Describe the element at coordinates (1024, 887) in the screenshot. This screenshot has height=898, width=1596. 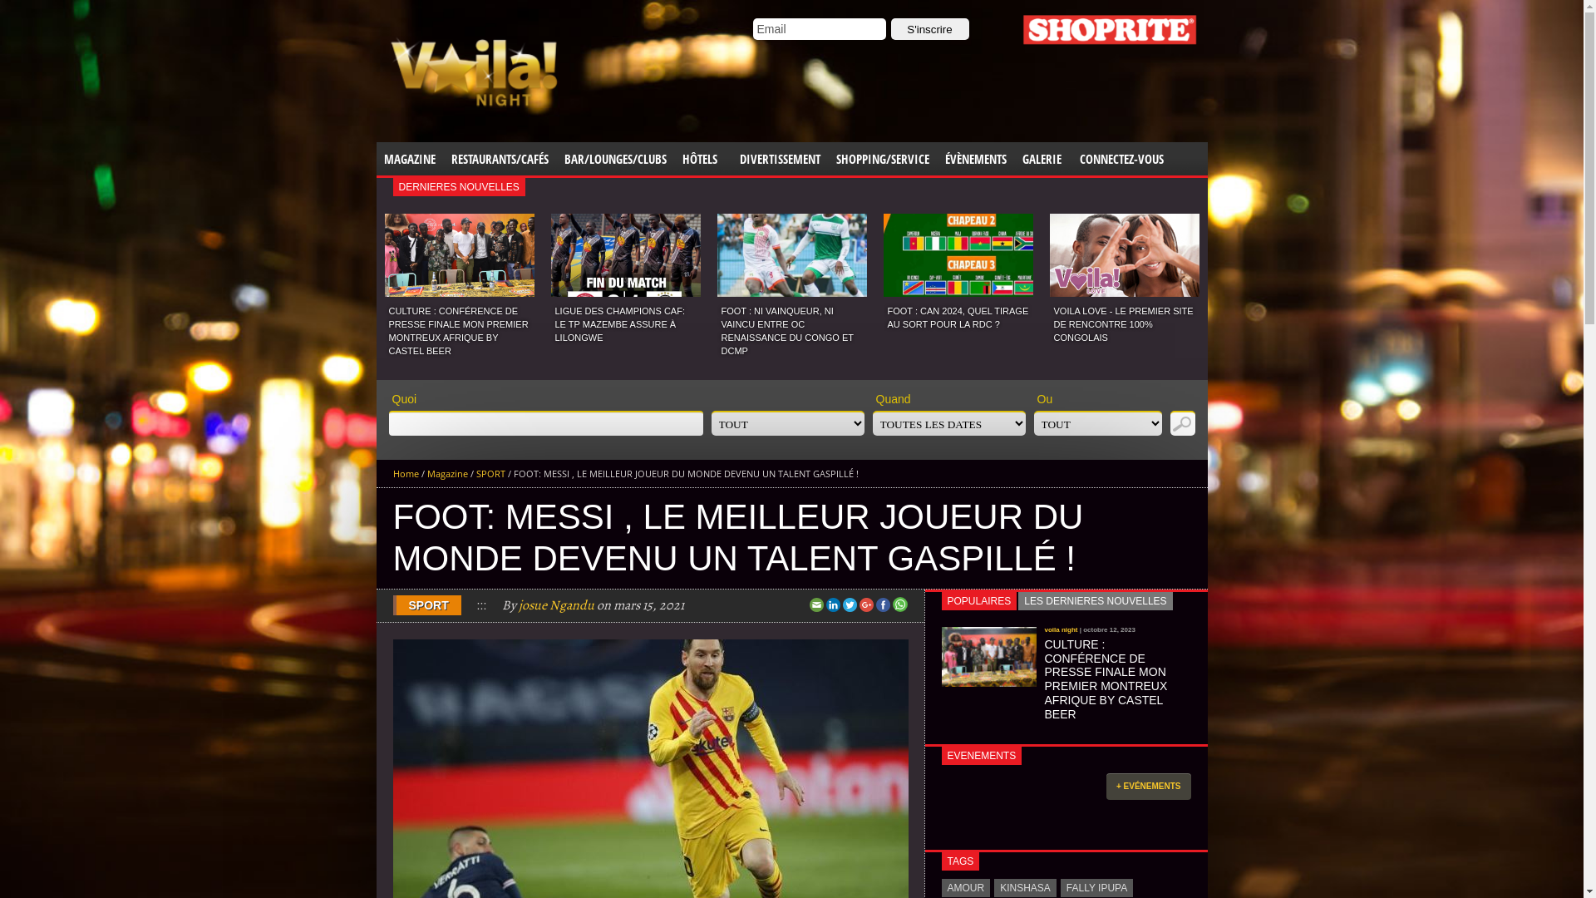
I see `'KINSHASA'` at that location.